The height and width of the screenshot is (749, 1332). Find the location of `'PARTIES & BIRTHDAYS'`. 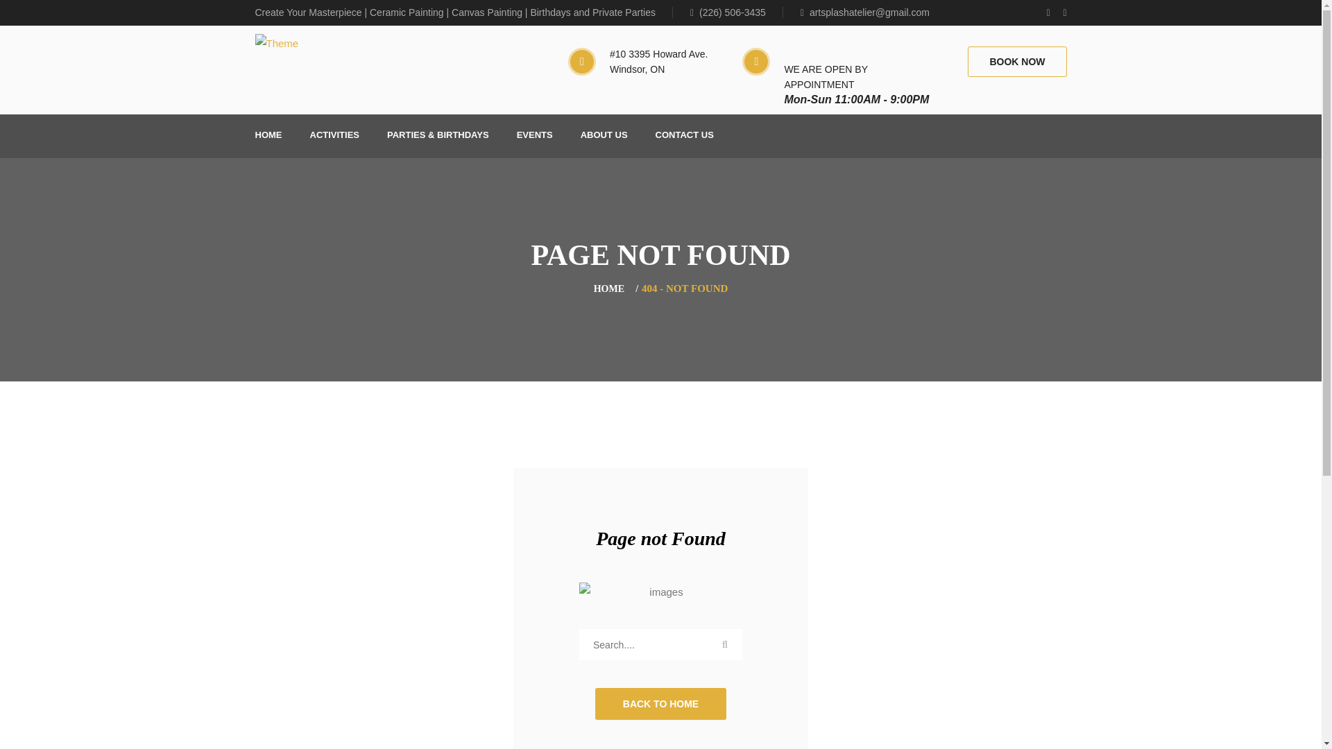

'PARTIES & BIRTHDAYS' is located at coordinates (437, 136).